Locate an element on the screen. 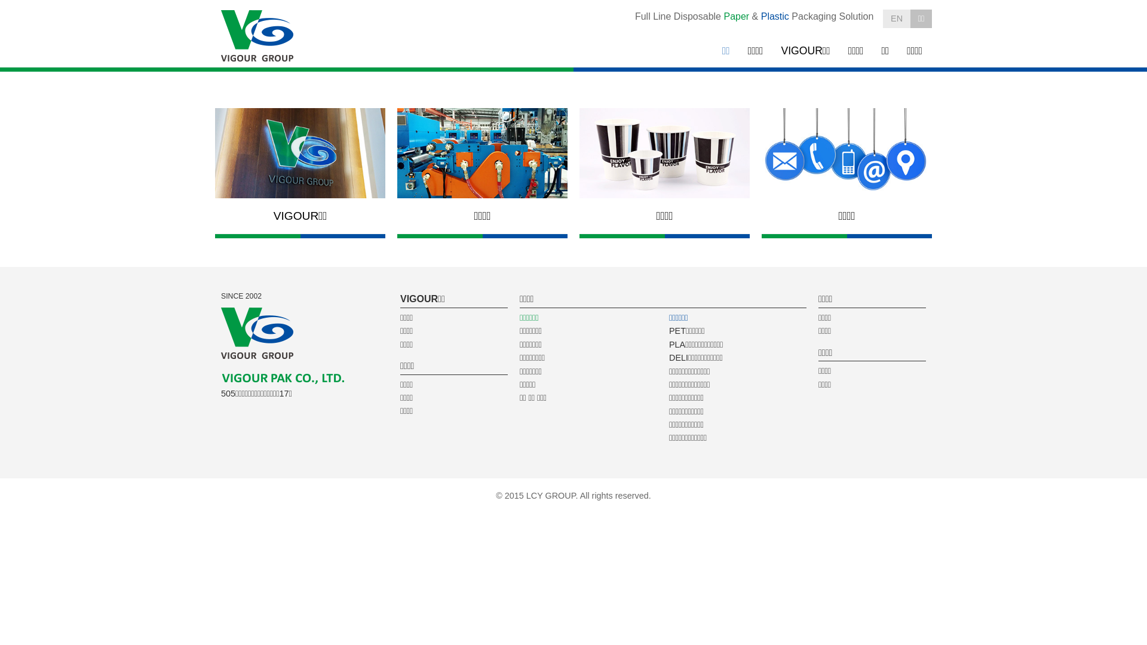 Image resolution: width=1147 pixels, height=645 pixels. 'EN' is located at coordinates (897, 19).